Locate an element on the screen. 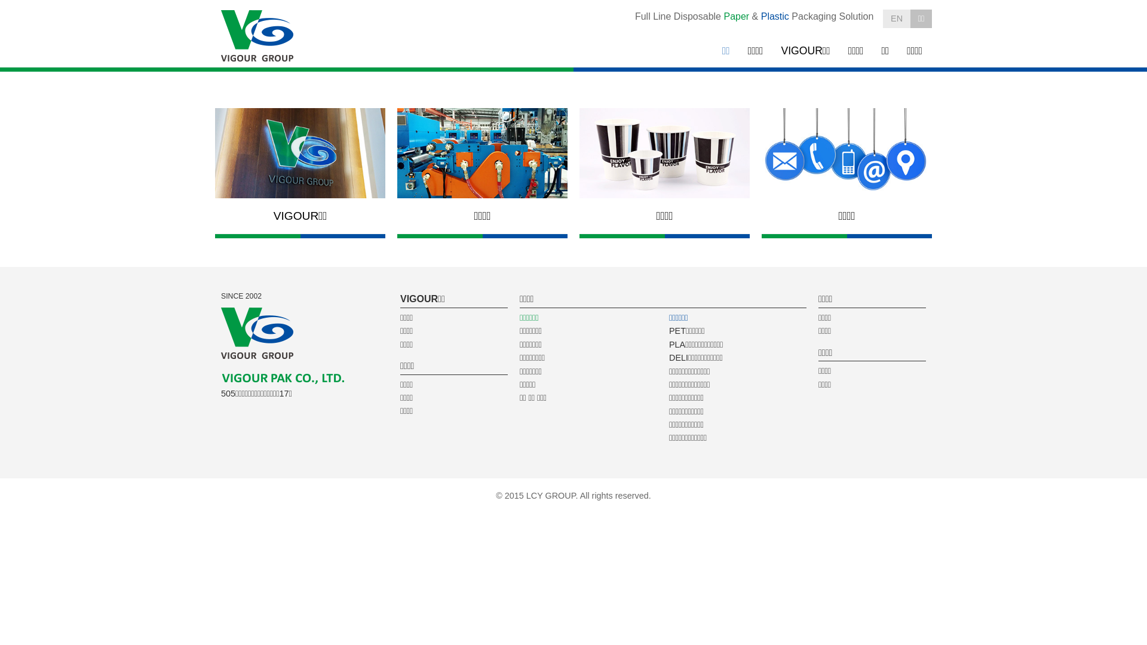 Image resolution: width=1147 pixels, height=645 pixels. 'EN' is located at coordinates (897, 19).